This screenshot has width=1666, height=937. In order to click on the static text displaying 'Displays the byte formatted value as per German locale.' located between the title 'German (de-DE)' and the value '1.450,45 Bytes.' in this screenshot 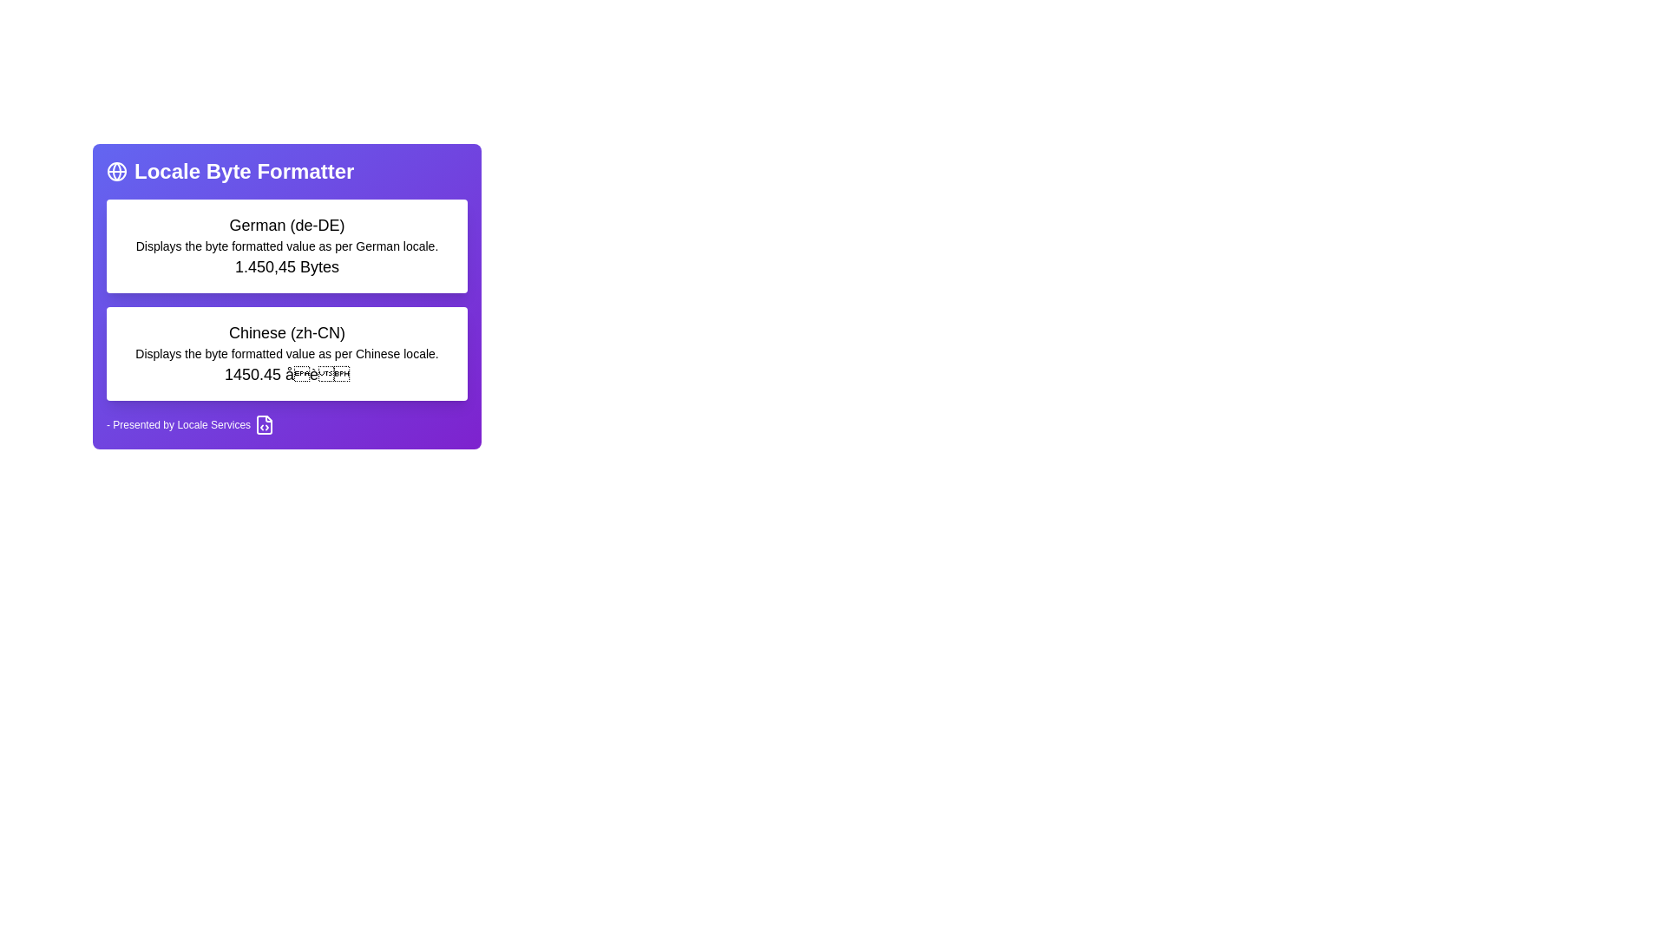, I will do `click(287, 246)`.